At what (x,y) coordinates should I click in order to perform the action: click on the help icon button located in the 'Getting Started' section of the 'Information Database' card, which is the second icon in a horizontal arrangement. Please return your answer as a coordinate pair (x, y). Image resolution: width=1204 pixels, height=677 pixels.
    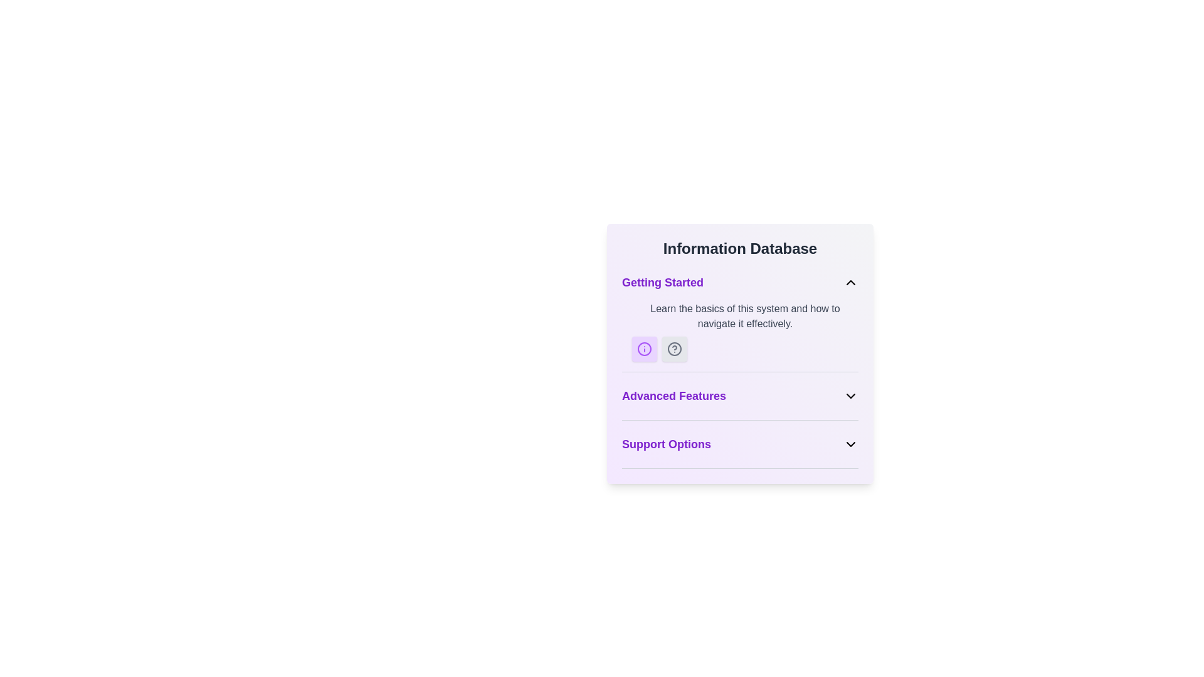
    Looking at the image, I should click on (673, 349).